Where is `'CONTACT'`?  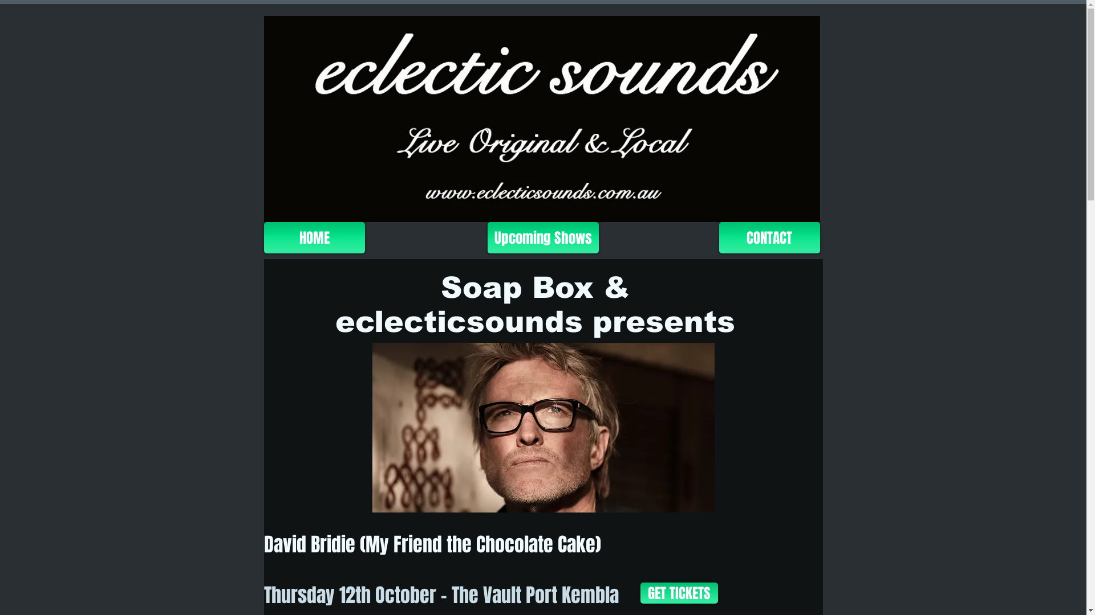
'CONTACT' is located at coordinates (769, 237).